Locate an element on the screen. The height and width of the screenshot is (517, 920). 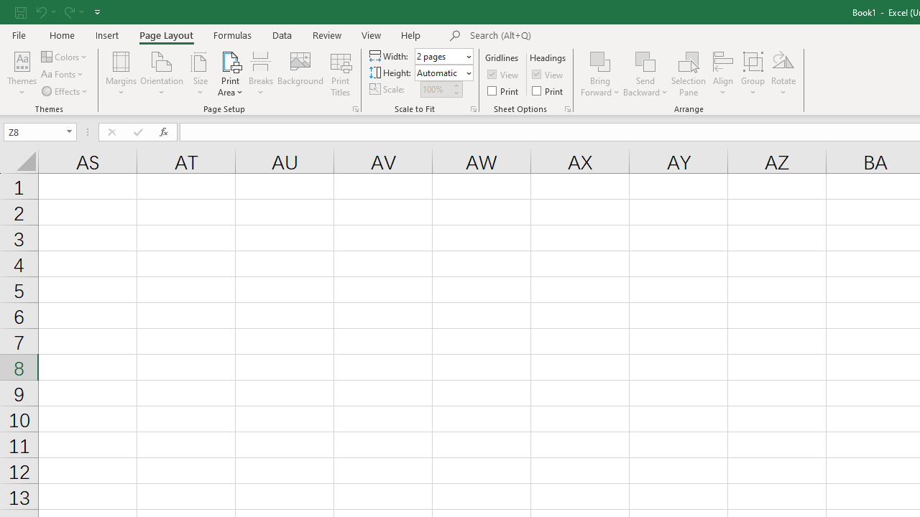
'Breaks' is located at coordinates (260, 74).